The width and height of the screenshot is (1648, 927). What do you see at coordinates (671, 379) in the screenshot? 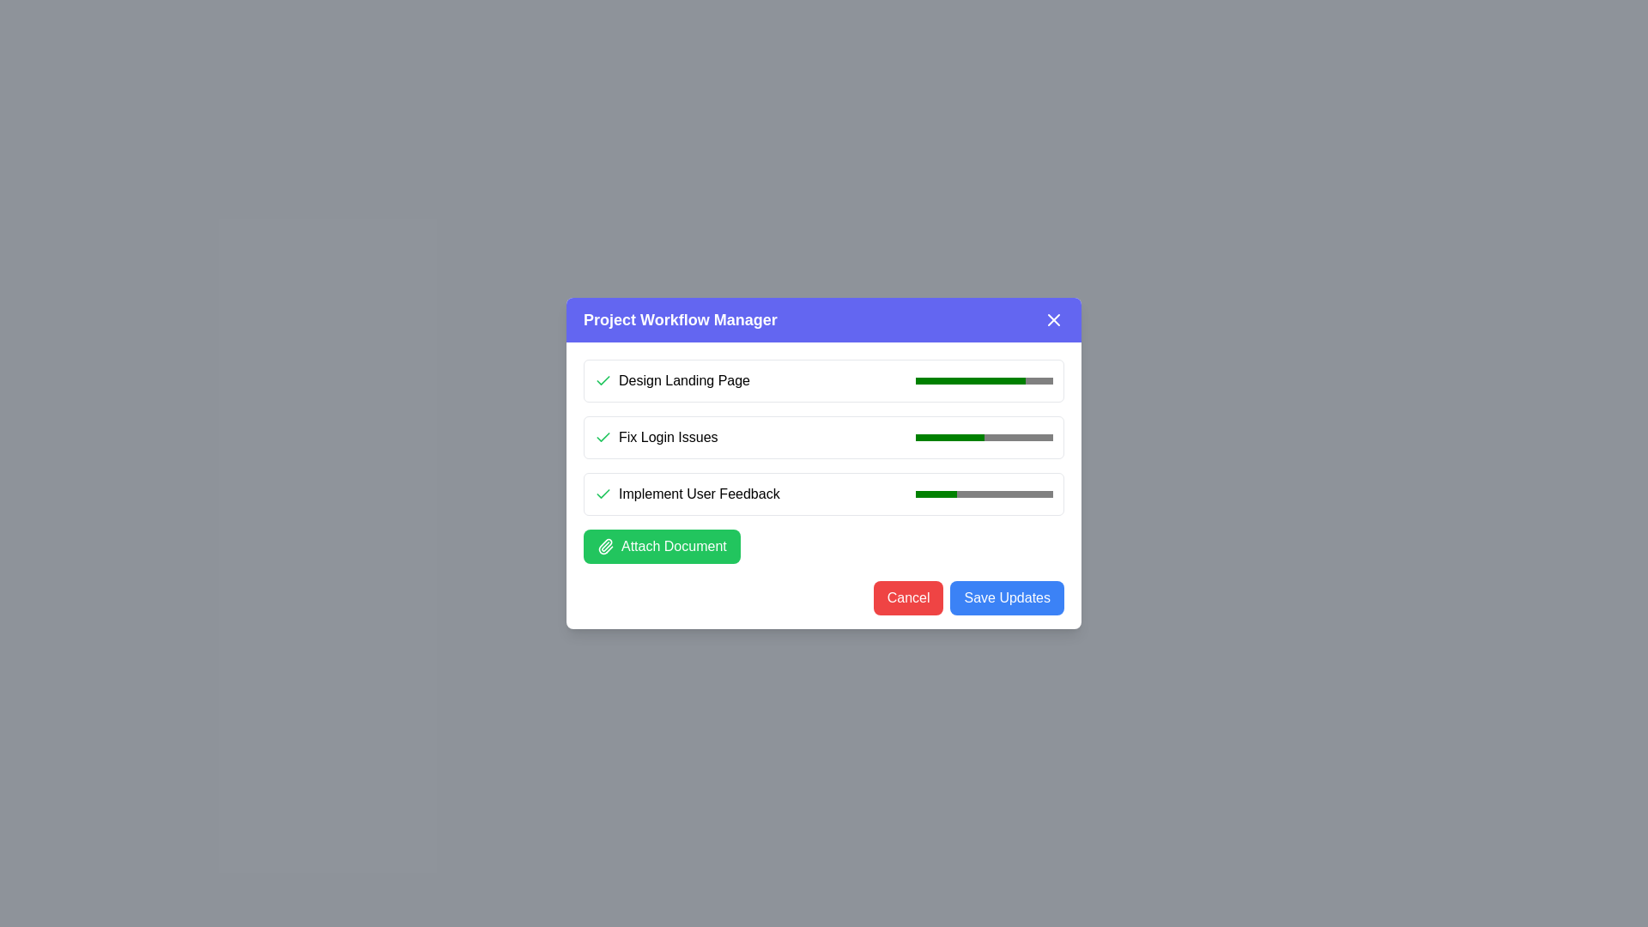
I see `the text label 'Design Landing Page' with a green checkmark icon indicating completion, which is the first item in the task list` at bounding box center [671, 379].